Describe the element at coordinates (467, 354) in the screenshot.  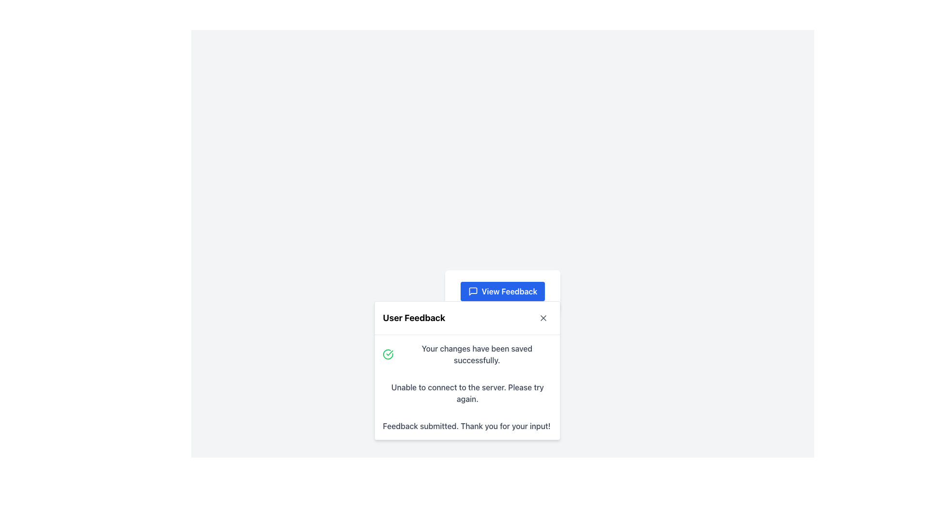
I see `notification message that indicates 'Your changes have been saved successfully.' in the modal titled 'User Feedback'` at that location.